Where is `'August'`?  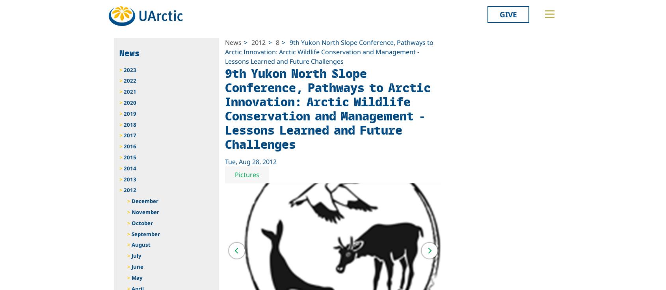
'August' is located at coordinates (140, 245).